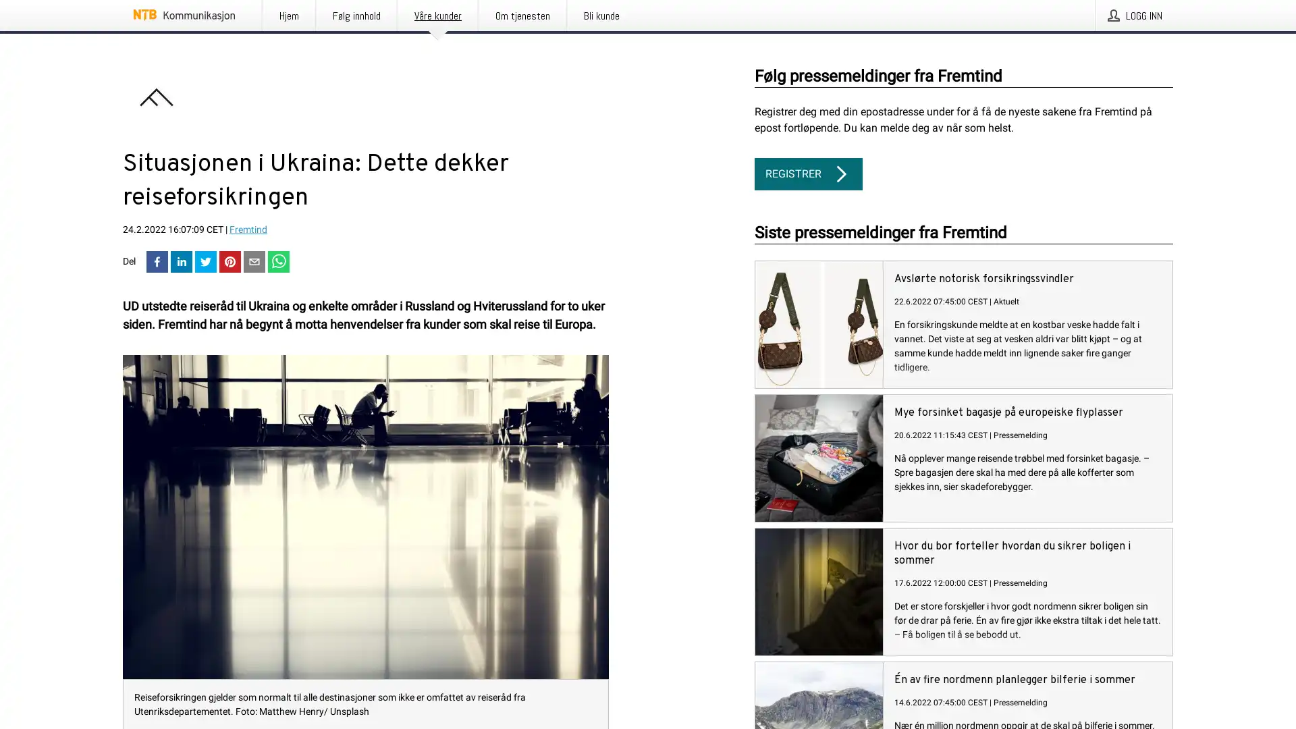  What do you see at coordinates (230, 263) in the screenshot?
I see `pinterest` at bounding box center [230, 263].